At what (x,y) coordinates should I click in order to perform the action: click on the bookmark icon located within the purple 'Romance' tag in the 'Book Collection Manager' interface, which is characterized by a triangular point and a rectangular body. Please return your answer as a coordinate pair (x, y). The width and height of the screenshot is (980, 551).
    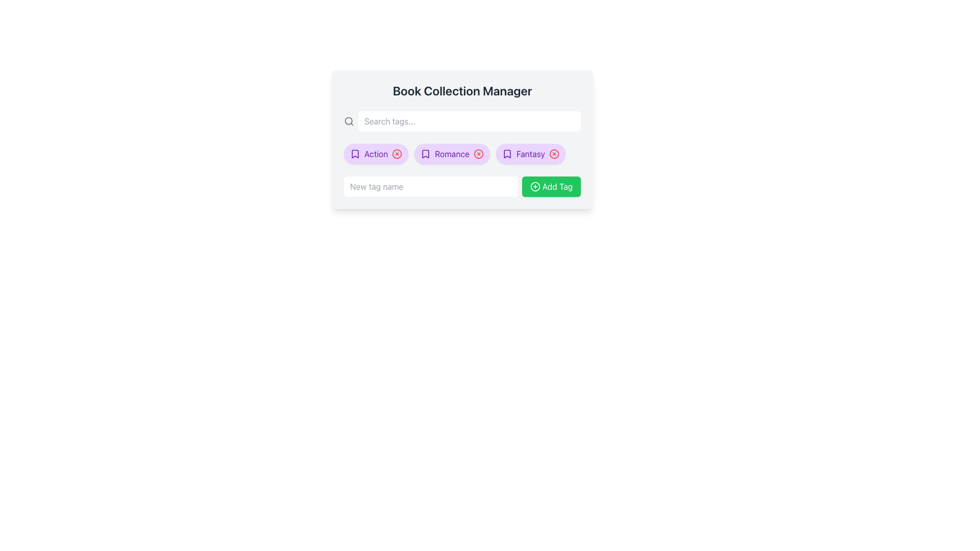
    Looking at the image, I should click on (426, 154).